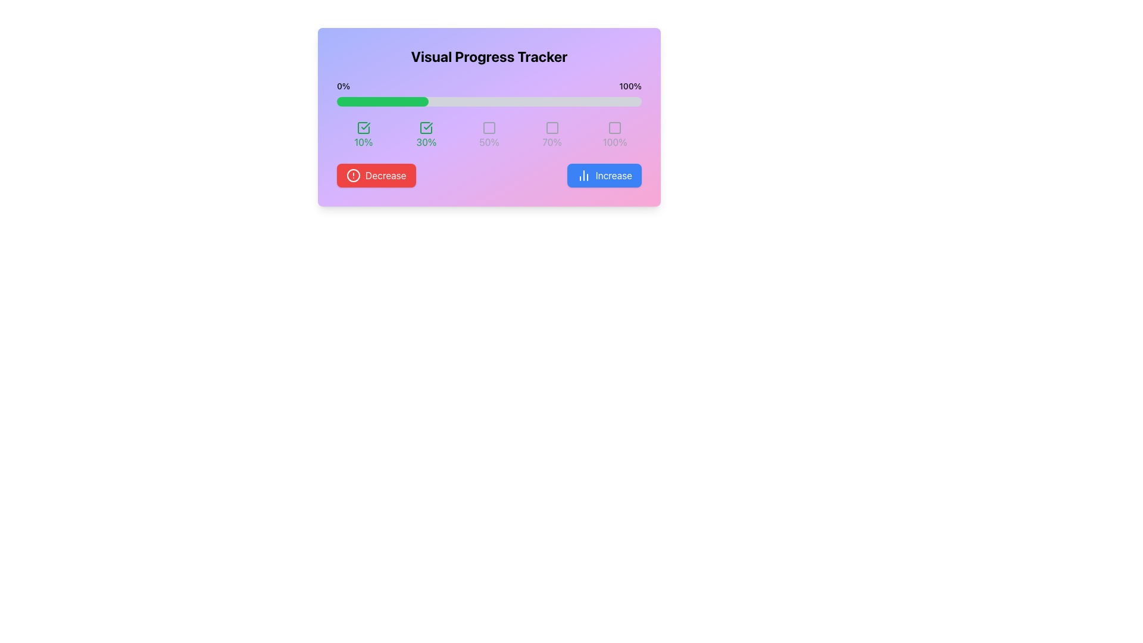 This screenshot has width=1143, height=643. Describe the element at coordinates (551, 128) in the screenshot. I see `the square-shaped progress marker that indicates the 70% progress level` at that location.